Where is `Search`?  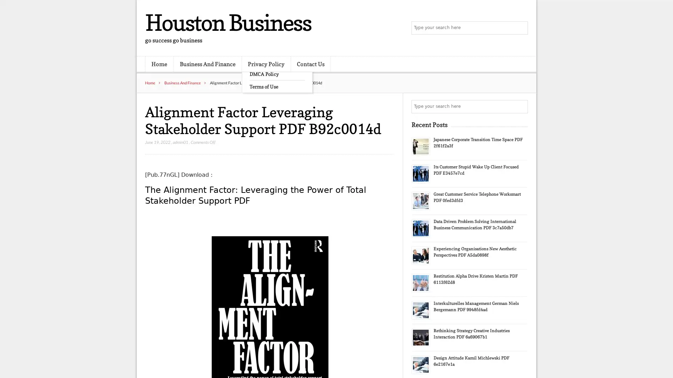 Search is located at coordinates (521, 28).